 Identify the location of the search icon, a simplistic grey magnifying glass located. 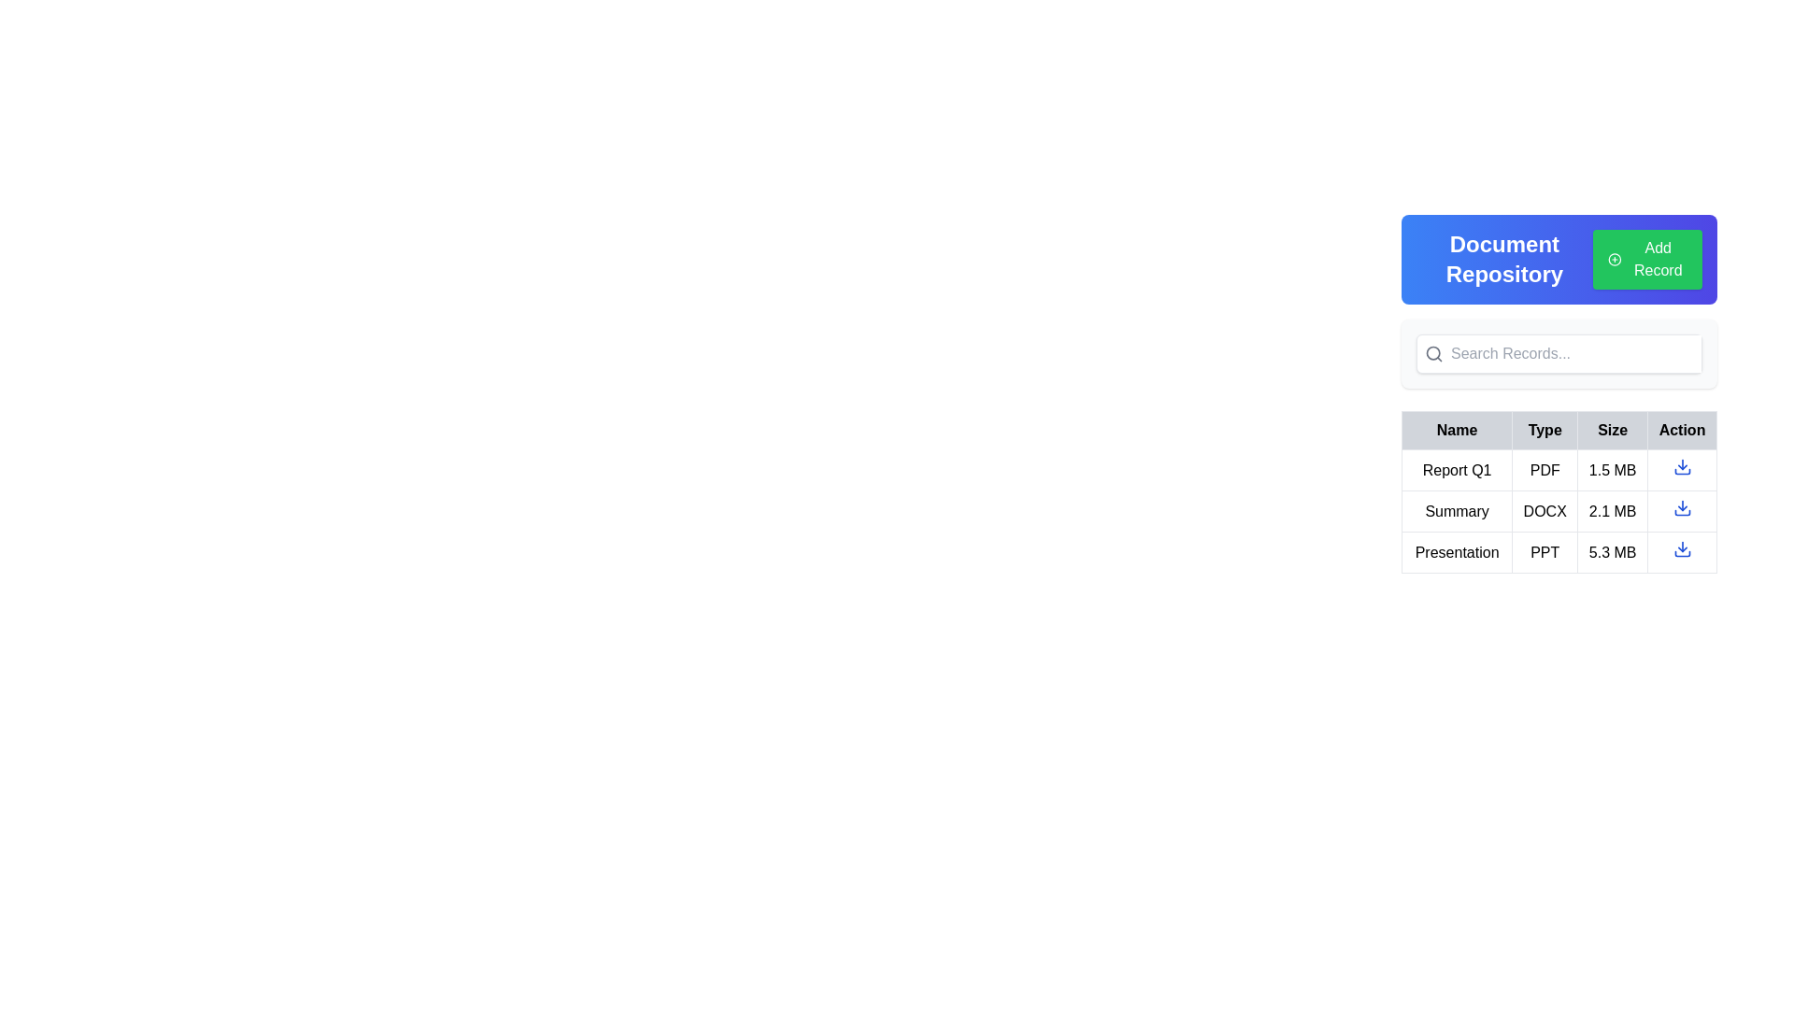
(1433, 353).